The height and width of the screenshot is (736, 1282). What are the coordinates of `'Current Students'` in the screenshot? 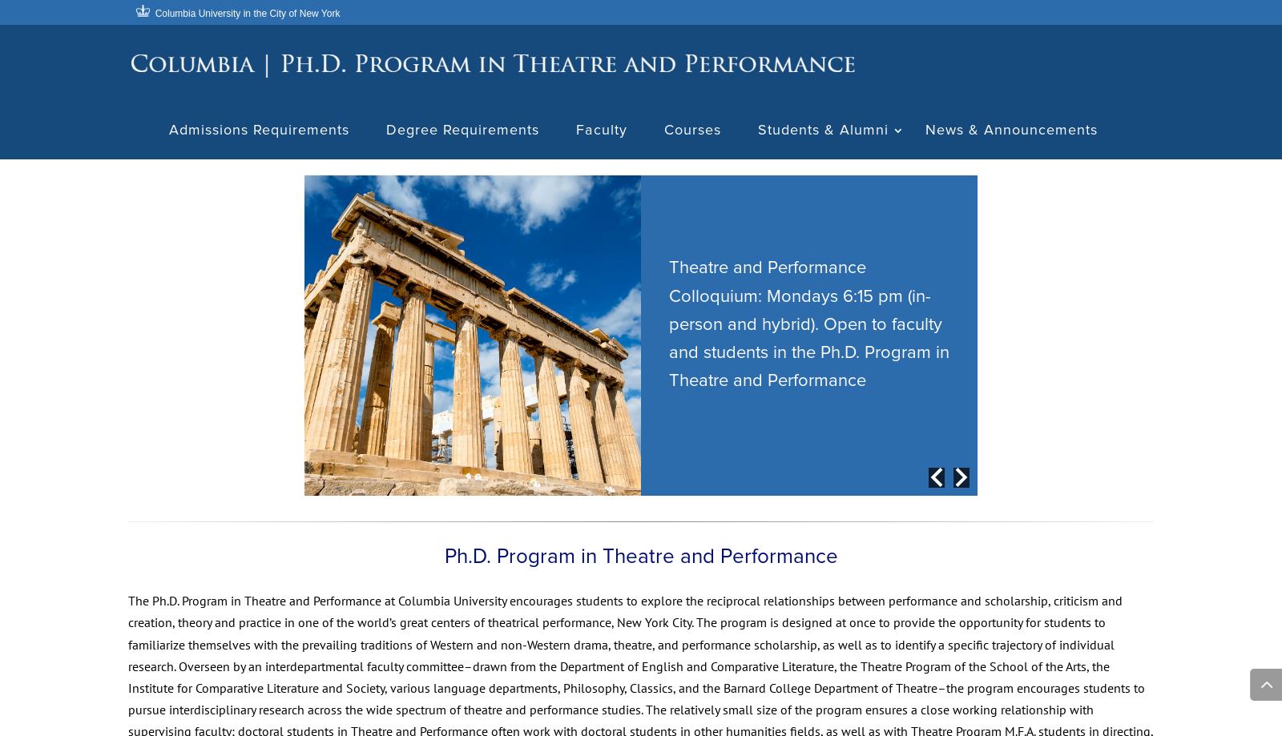 It's located at (858, 198).